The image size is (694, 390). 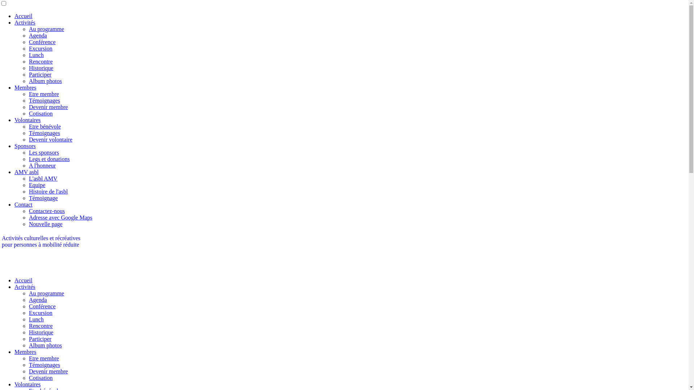 What do you see at coordinates (49, 159) in the screenshot?
I see `'Legs et donations'` at bounding box center [49, 159].